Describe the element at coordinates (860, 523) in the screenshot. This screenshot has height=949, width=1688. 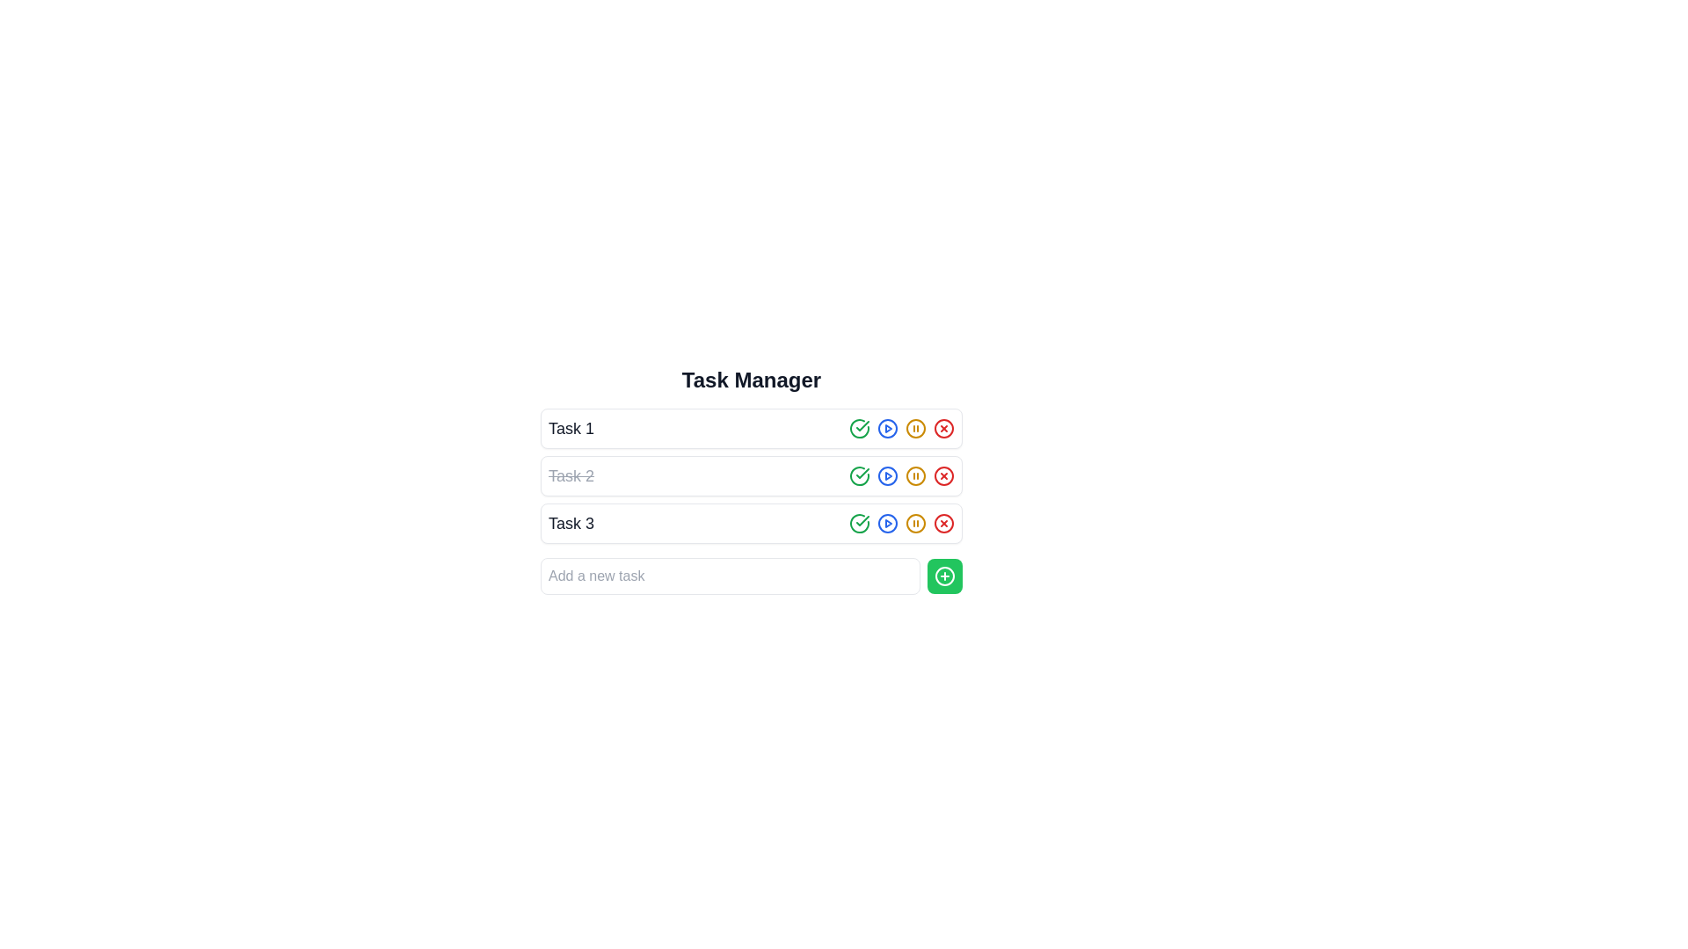
I see `the green check mark icon button in the action buttons of the third task row` at that location.